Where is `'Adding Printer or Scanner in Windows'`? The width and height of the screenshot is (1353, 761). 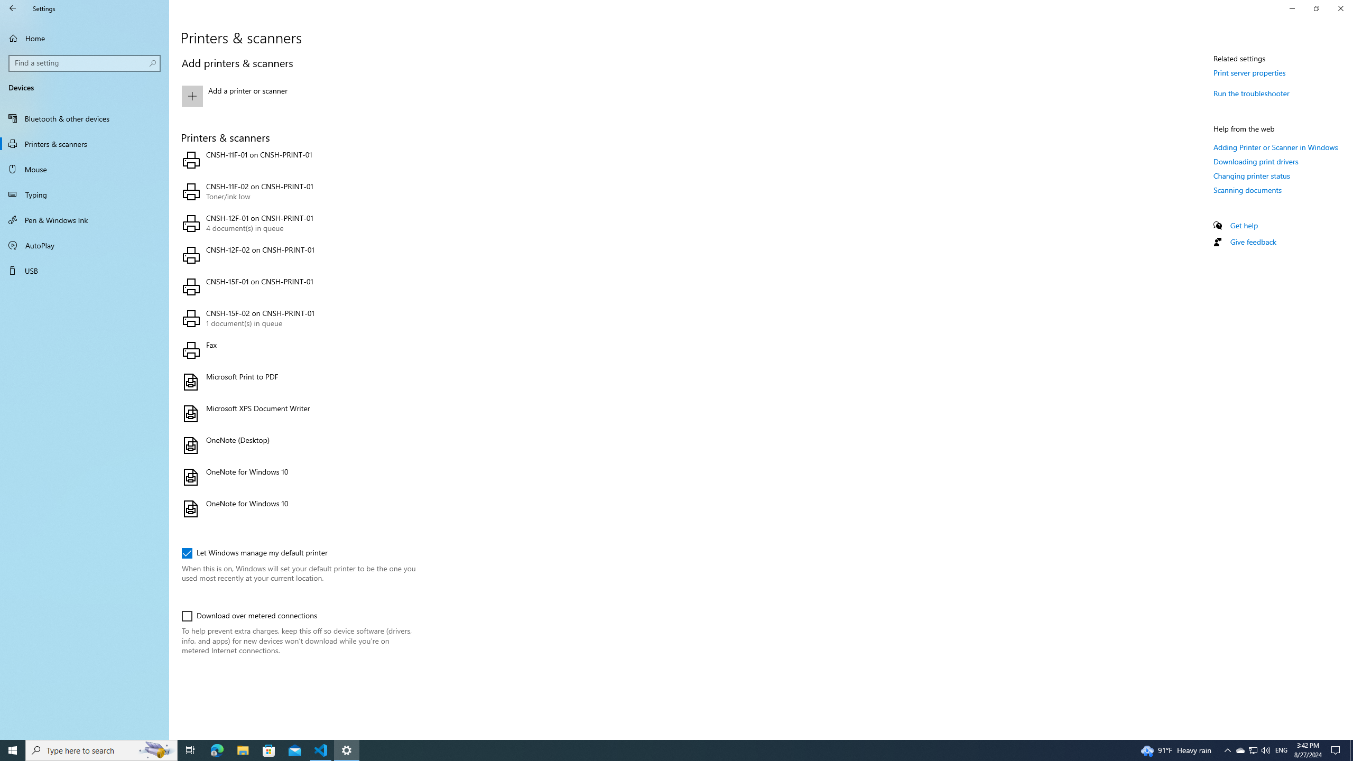 'Adding Printer or Scanner in Windows' is located at coordinates (1275, 146).